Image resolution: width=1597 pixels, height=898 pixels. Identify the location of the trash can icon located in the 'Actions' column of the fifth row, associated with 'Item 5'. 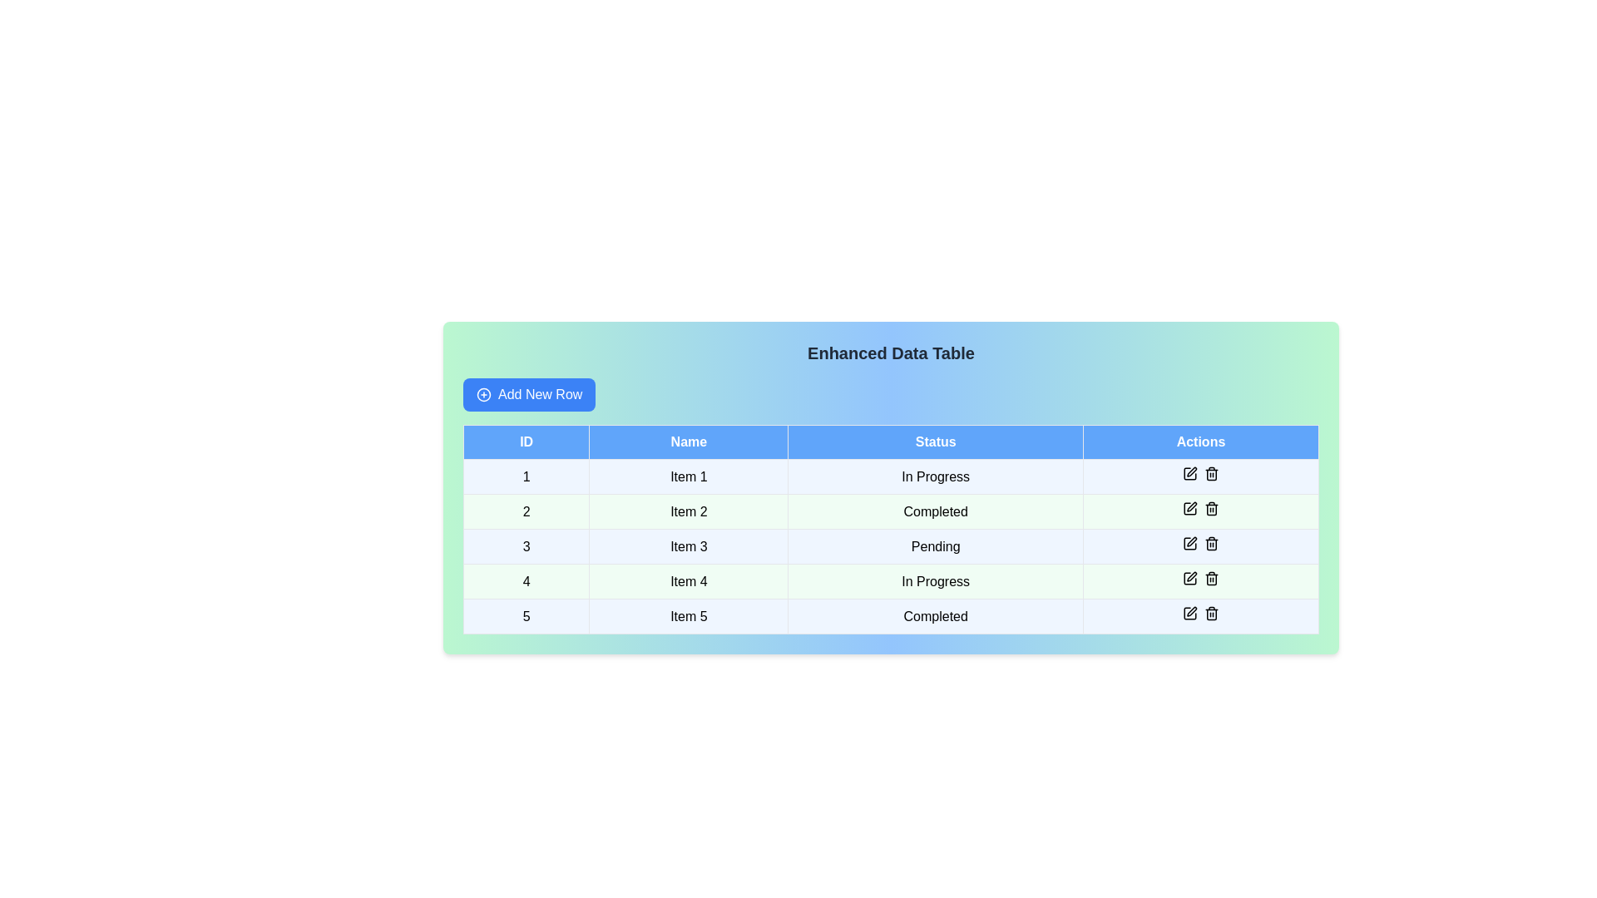
(1201, 616).